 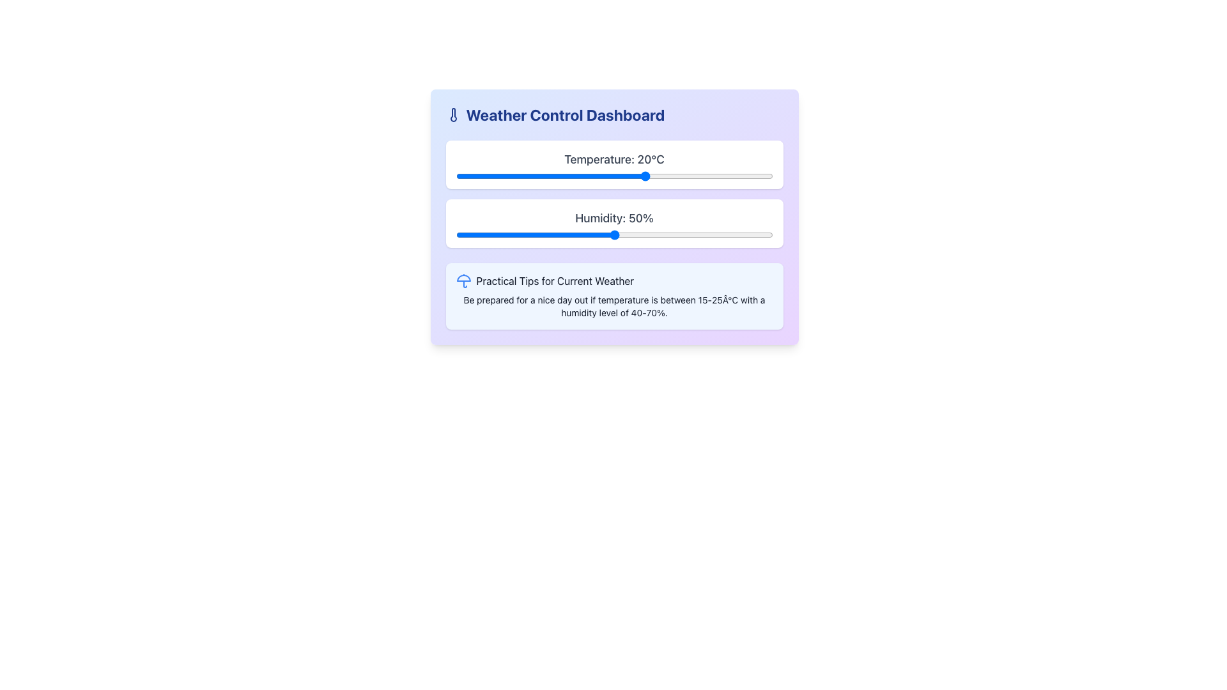 What do you see at coordinates (750, 234) in the screenshot?
I see `the humidity level` at bounding box center [750, 234].